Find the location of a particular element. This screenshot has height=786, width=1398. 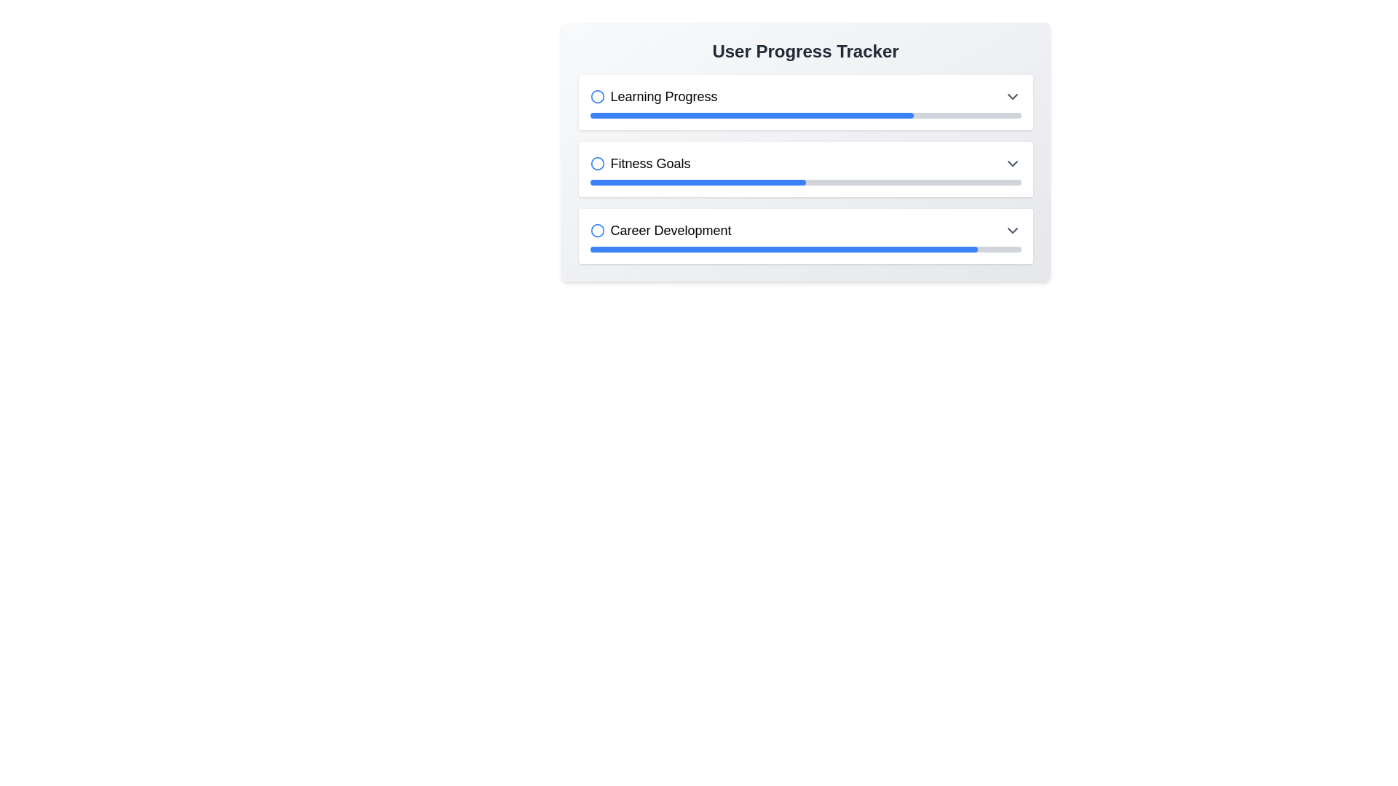

the 'Career Development' section label with a blue outlined circular icon is located at coordinates (660, 229).